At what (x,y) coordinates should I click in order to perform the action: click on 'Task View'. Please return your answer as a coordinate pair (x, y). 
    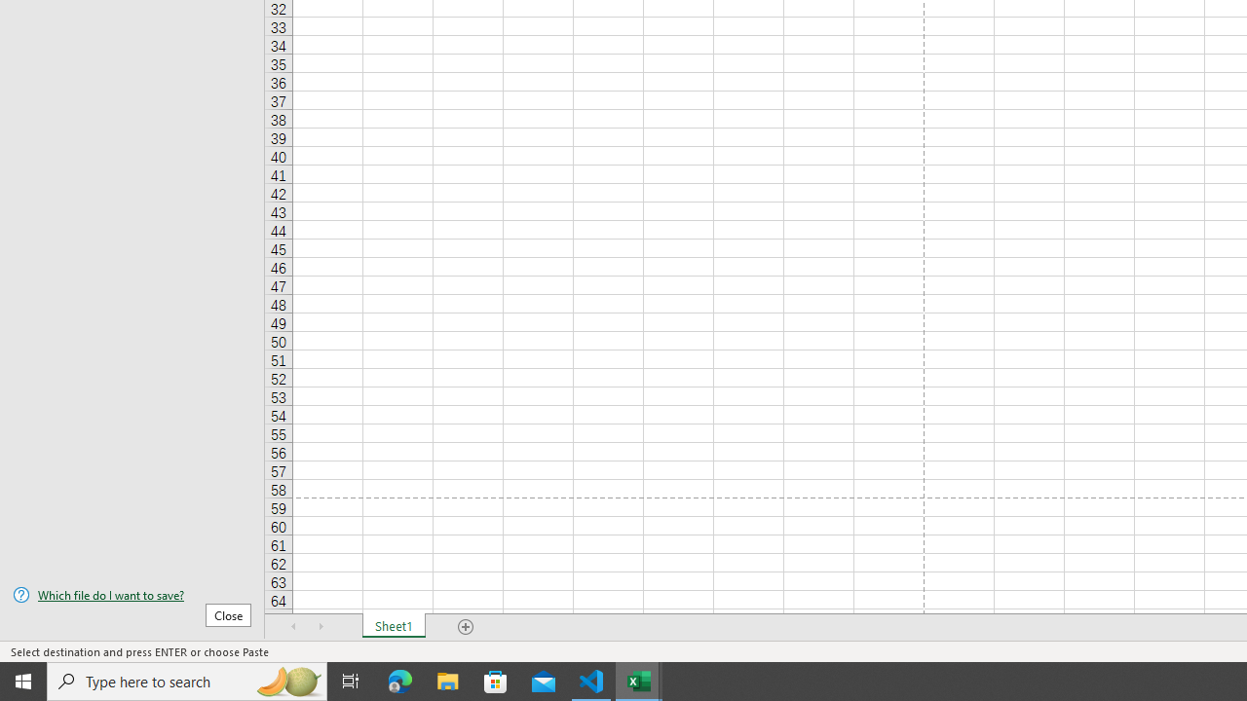
    Looking at the image, I should click on (350, 680).